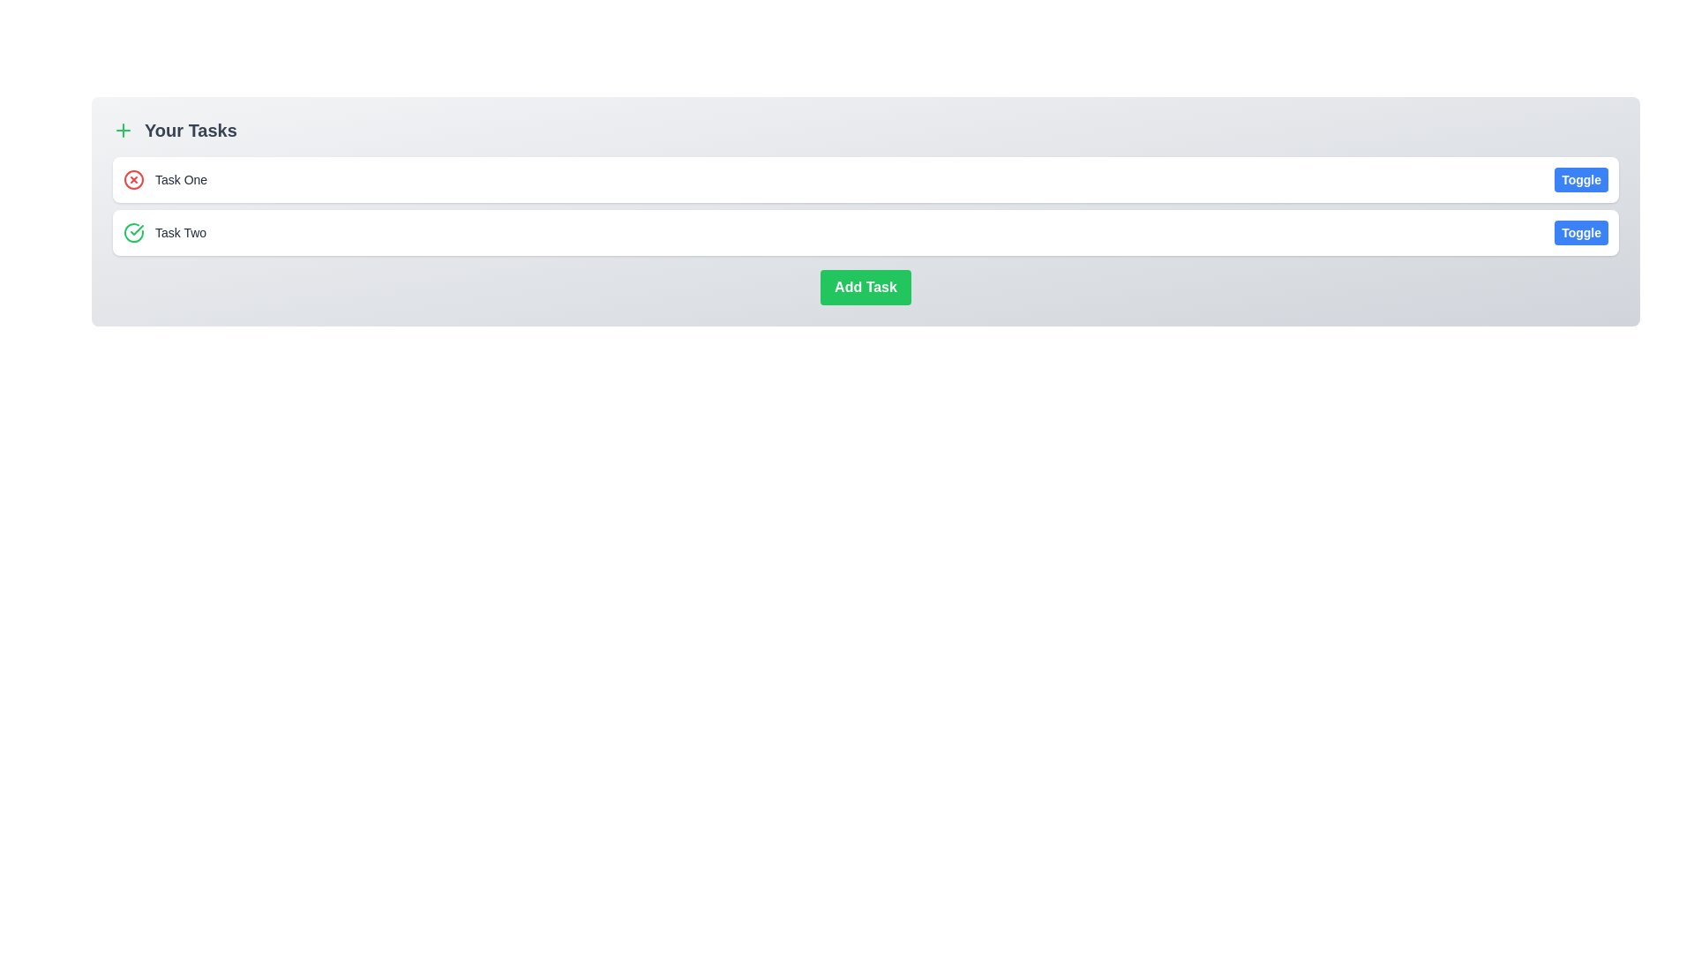 The image size is (1694, 953). Describe the element at coordinates (866, 287) in the screenshot. I see `the button with a green background and white bold uppercase text reading 'Add Task'` at that location.